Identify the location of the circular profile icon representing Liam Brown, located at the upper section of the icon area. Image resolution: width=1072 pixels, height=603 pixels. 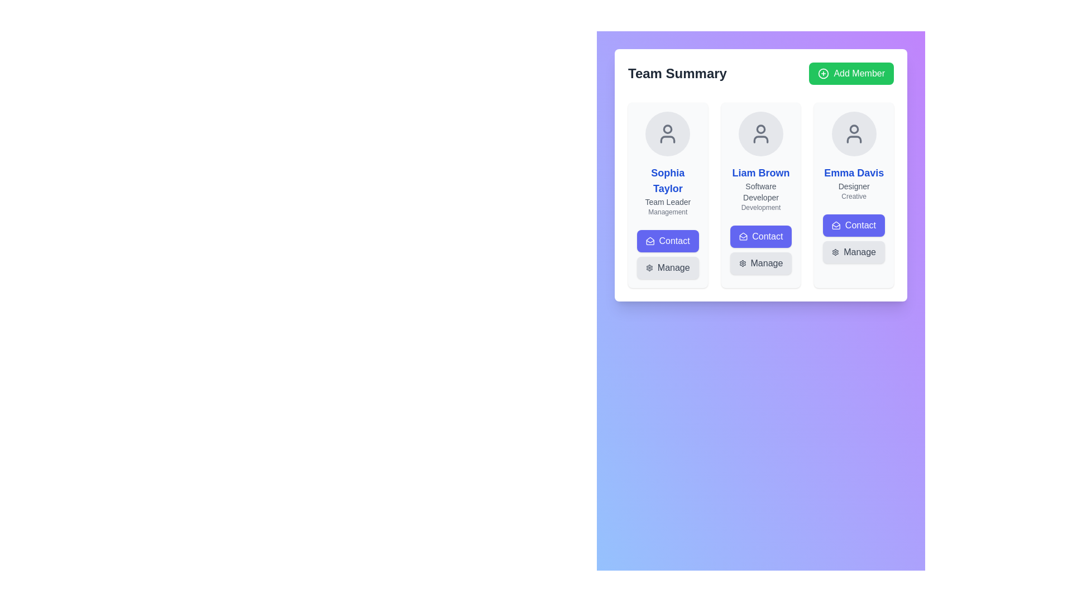
(760, 128).